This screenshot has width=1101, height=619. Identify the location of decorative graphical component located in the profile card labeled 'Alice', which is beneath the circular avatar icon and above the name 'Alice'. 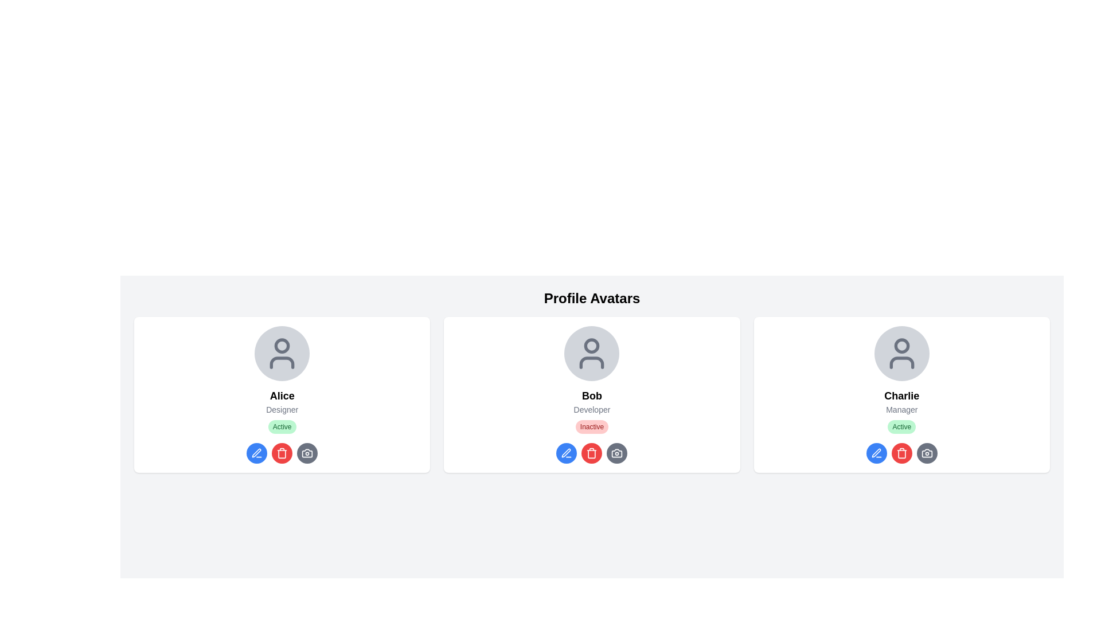
(282, 362).